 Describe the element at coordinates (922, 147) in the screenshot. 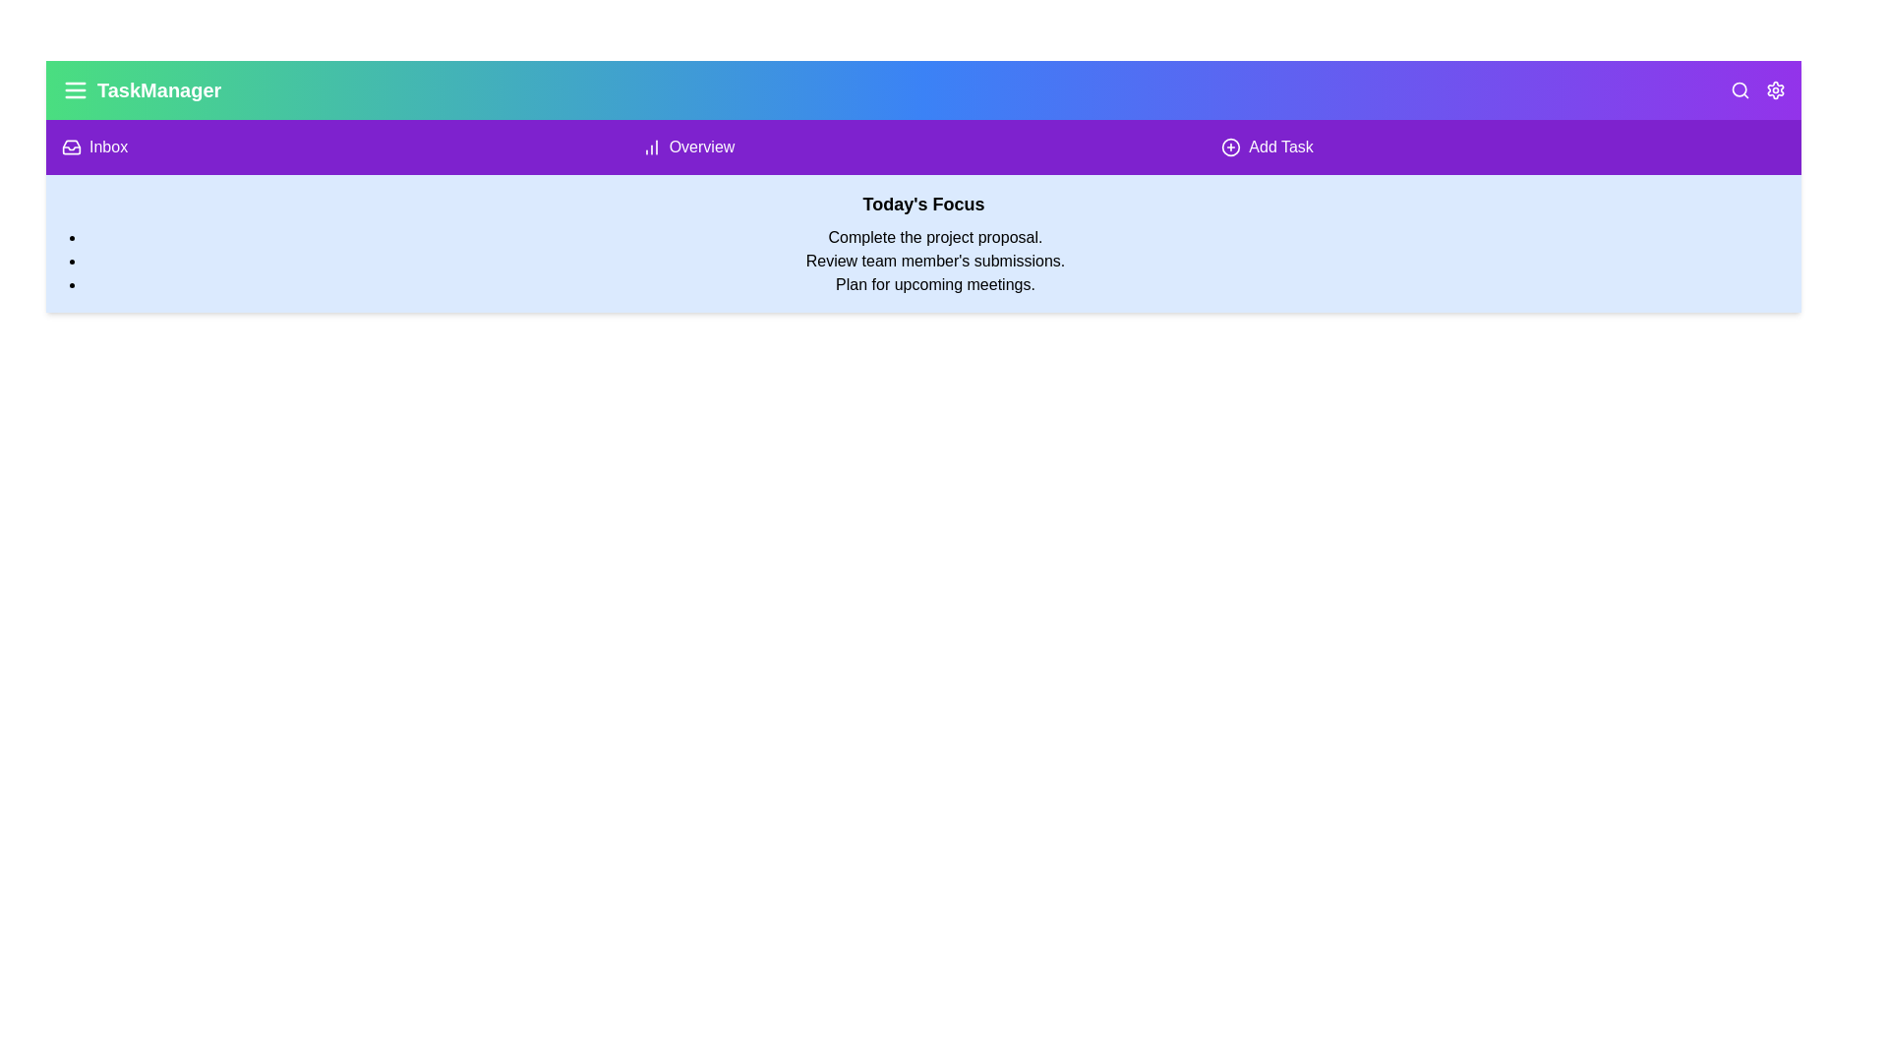

I see `the 'Overview' button to navigate to the 'Overview' section` at that location.